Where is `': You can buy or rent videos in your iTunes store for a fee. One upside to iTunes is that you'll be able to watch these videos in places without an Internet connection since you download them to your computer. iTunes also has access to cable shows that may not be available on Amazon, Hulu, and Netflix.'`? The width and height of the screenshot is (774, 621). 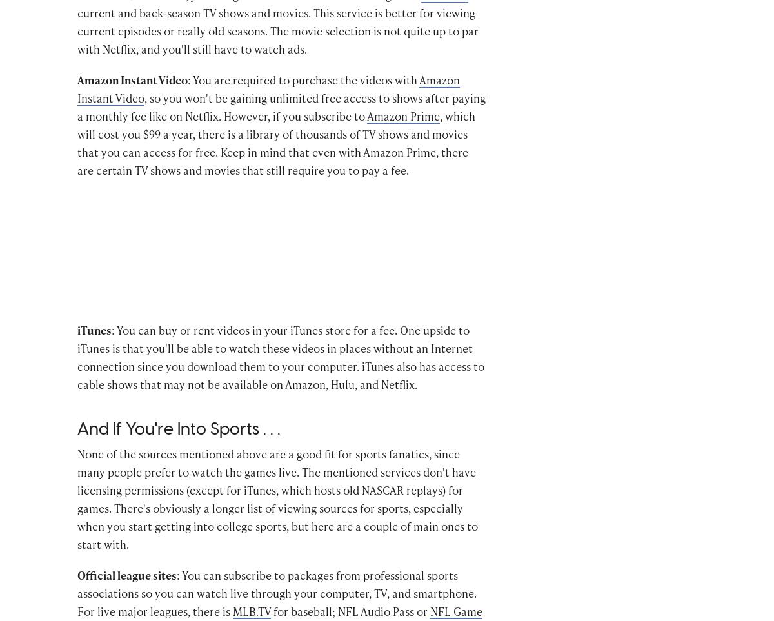 ': You can buy or rent videos in your iTunes store for a fee. One upside to iTunes is that you'll be able to watch these videos in places without an Internet connection since you download them to your computer. iTunes also has access to cable shows that may not be available on Amazon, Hulu, and Netflix.' is located at coordinates (281, 376).